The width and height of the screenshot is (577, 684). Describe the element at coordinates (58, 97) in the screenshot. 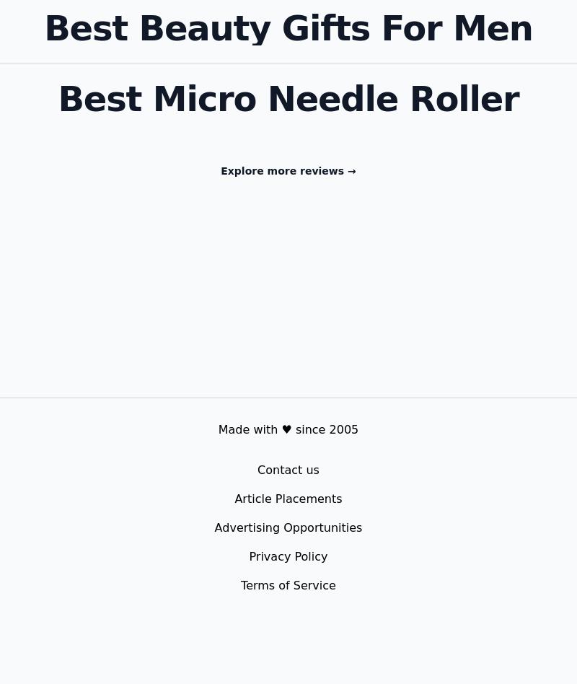

I see `'Best Micro Needle Roller'` at that location.